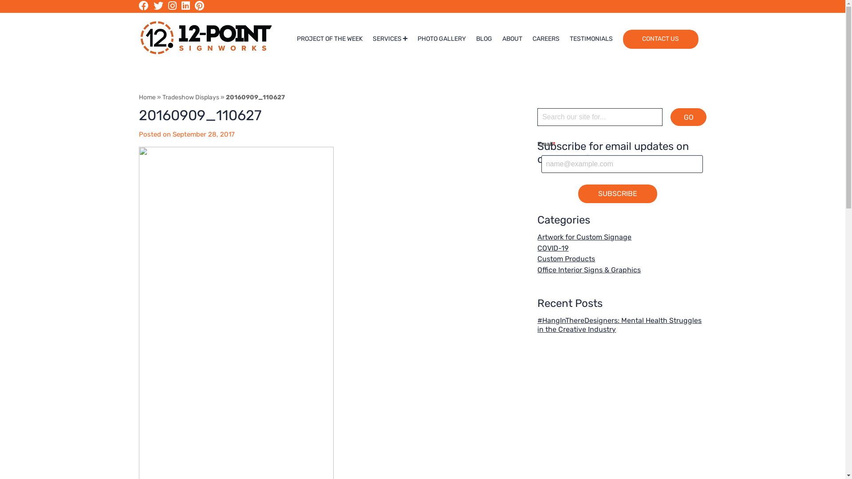  I want to click on 'Home', so click(147, 97).